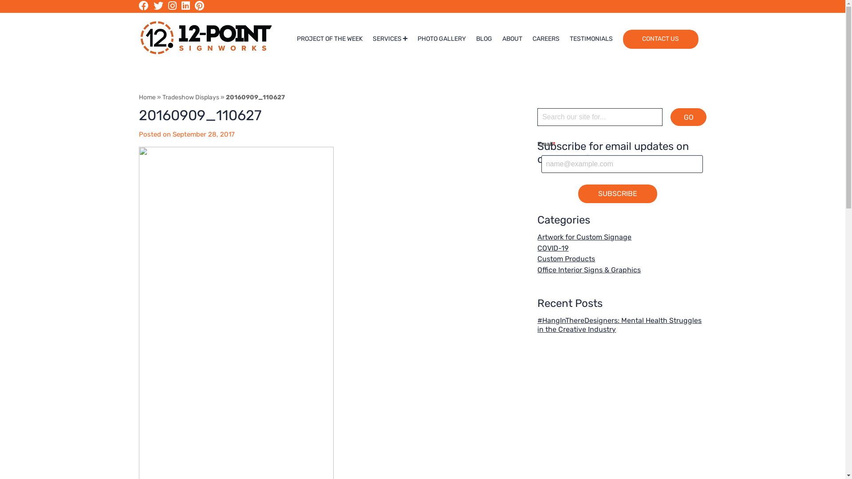  I want to click on 'Home', so click(147, 97).